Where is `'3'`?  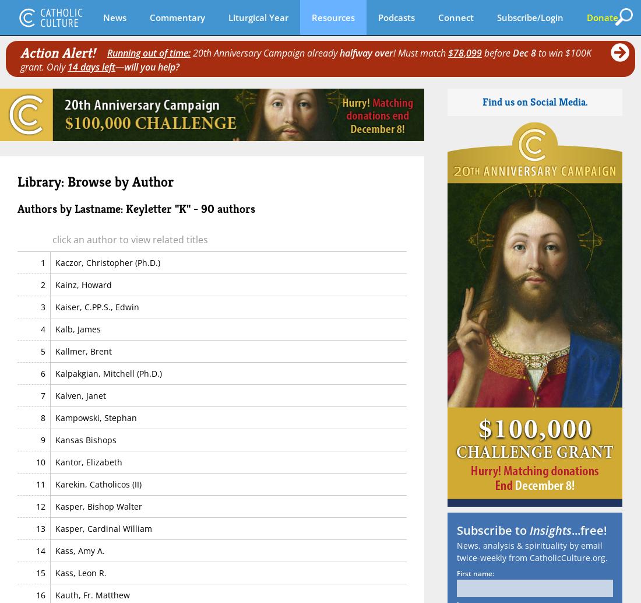
'3' is located at coordinates (40, 306).